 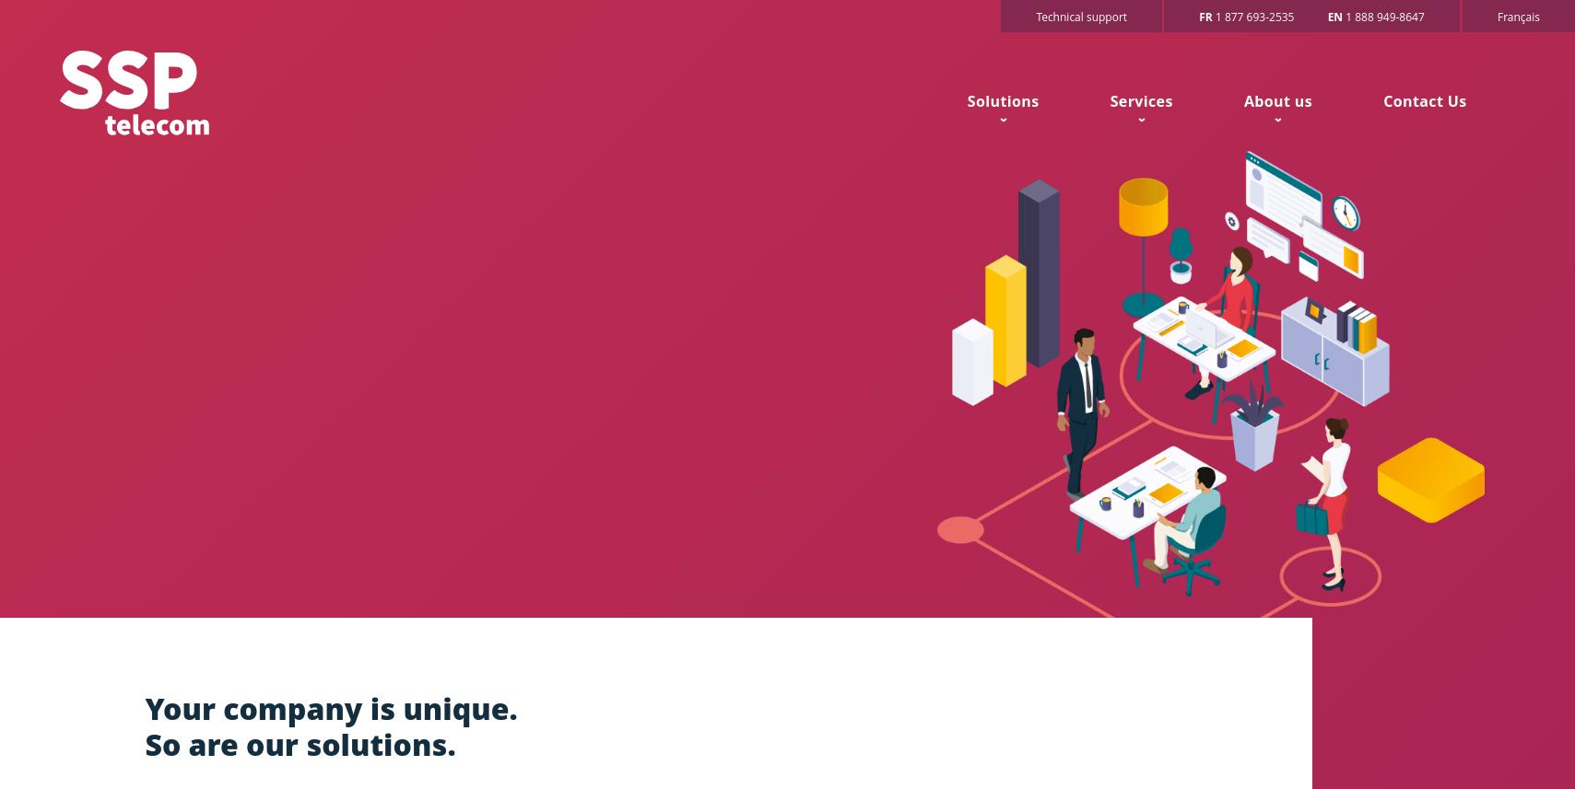 I want to click on 'Solutions', so click(x=1002, y=101).